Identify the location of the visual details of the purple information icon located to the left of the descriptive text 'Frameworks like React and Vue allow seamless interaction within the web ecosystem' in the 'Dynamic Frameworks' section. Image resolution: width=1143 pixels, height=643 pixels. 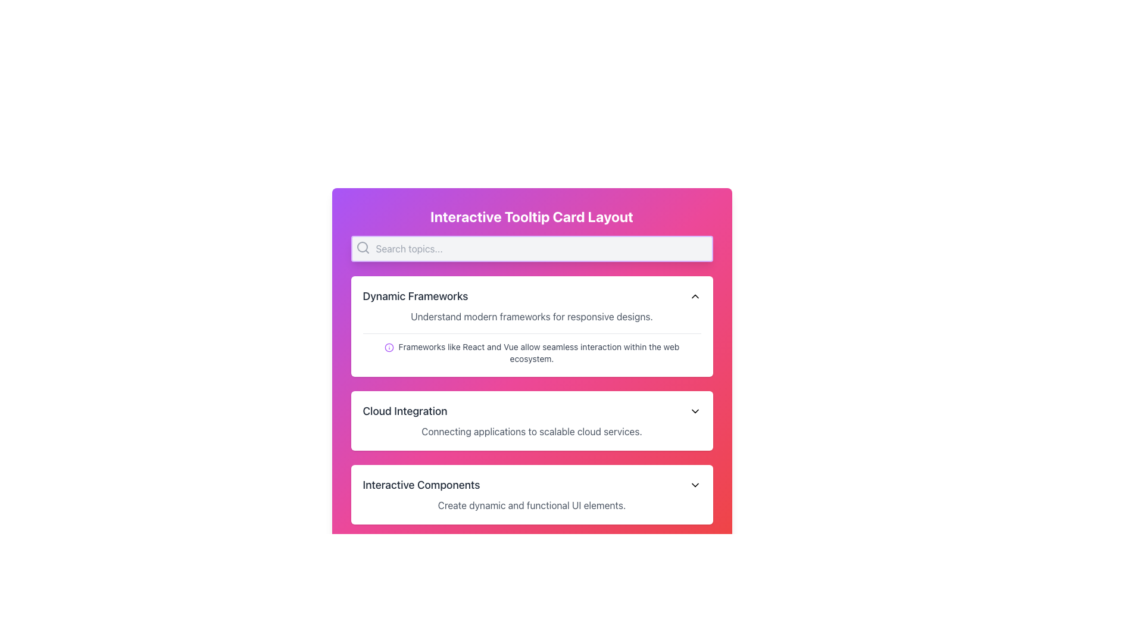
(389, 348).